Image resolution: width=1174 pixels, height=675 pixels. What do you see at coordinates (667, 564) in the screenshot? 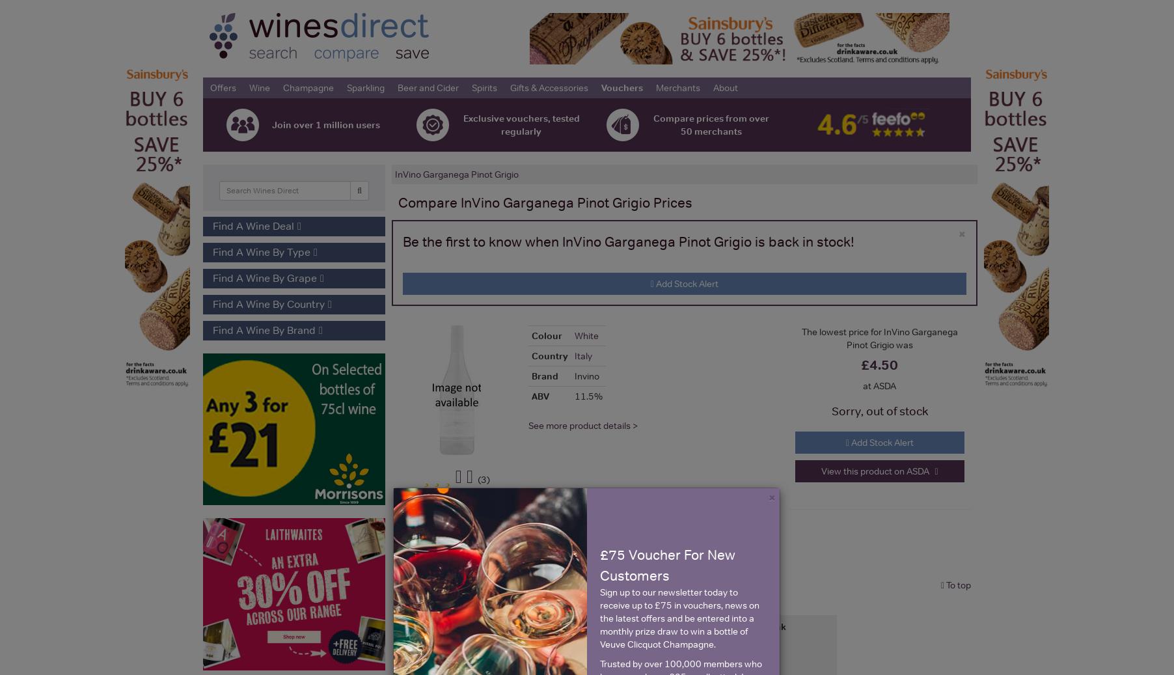
I see `'£75 Voucher For New Customers'` at bounding box center [667, 564].